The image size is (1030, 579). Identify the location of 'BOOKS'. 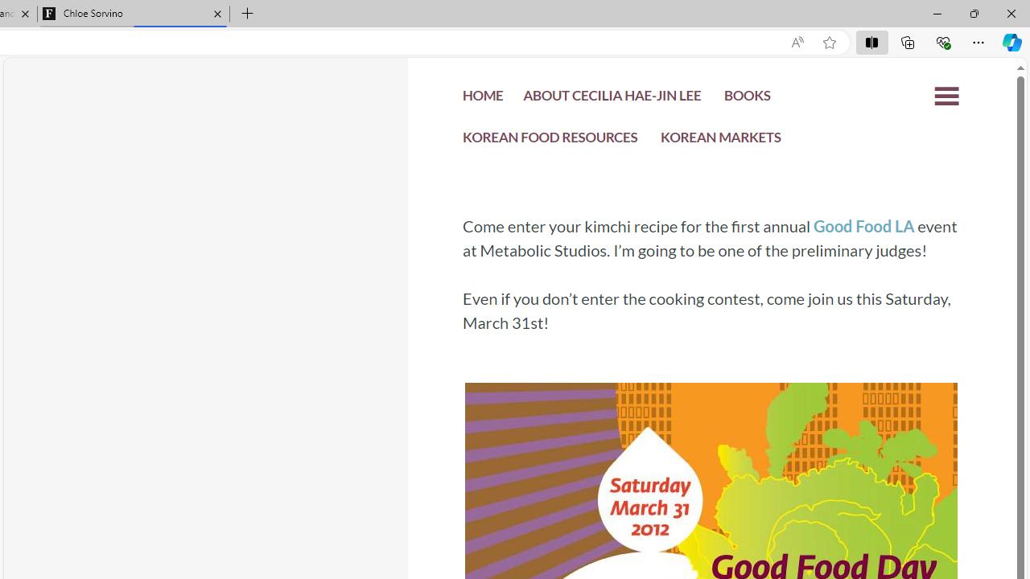
(746, 98).